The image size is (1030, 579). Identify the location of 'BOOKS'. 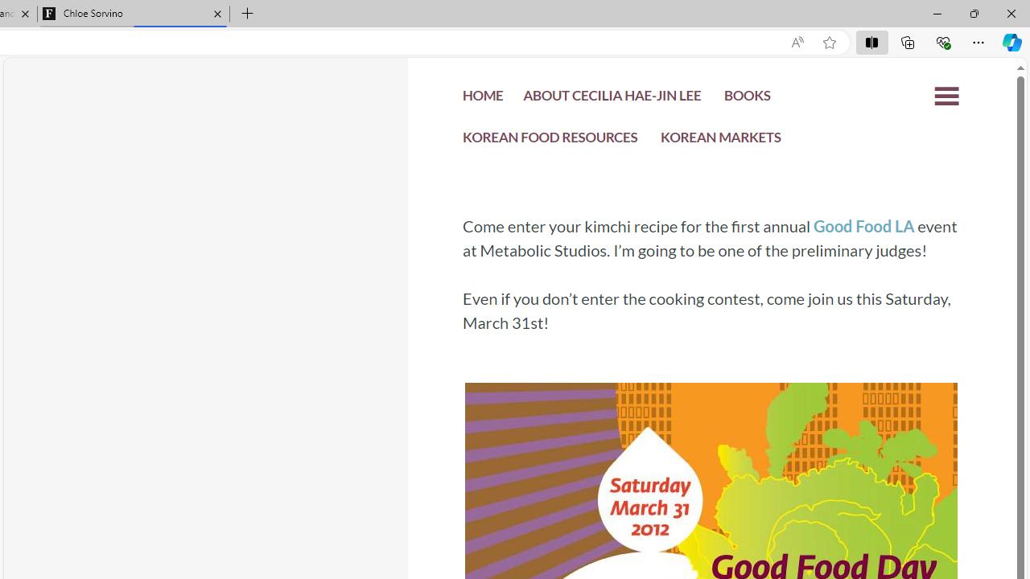
(746, 98).